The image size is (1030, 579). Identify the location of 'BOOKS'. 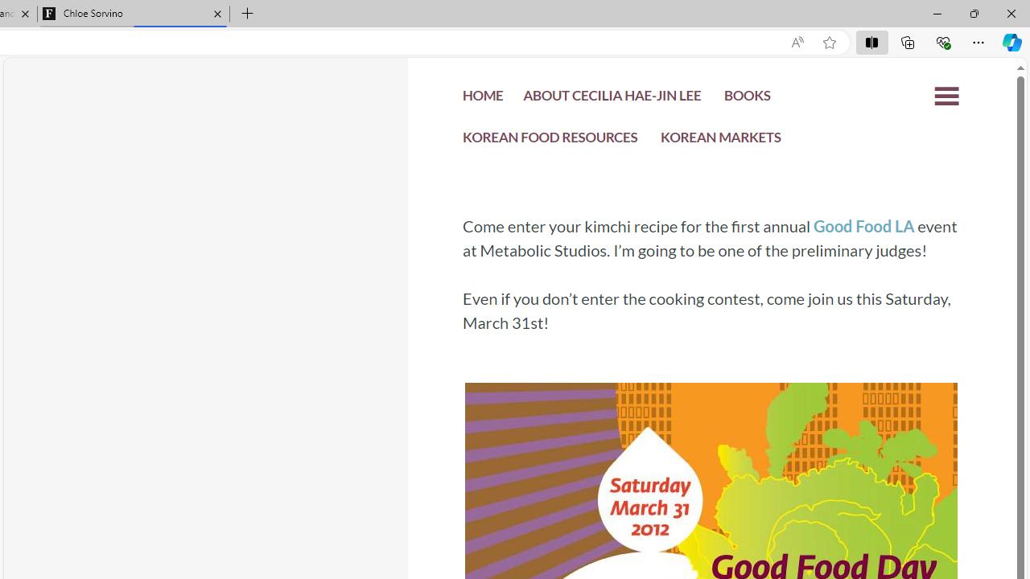
(746, 98).